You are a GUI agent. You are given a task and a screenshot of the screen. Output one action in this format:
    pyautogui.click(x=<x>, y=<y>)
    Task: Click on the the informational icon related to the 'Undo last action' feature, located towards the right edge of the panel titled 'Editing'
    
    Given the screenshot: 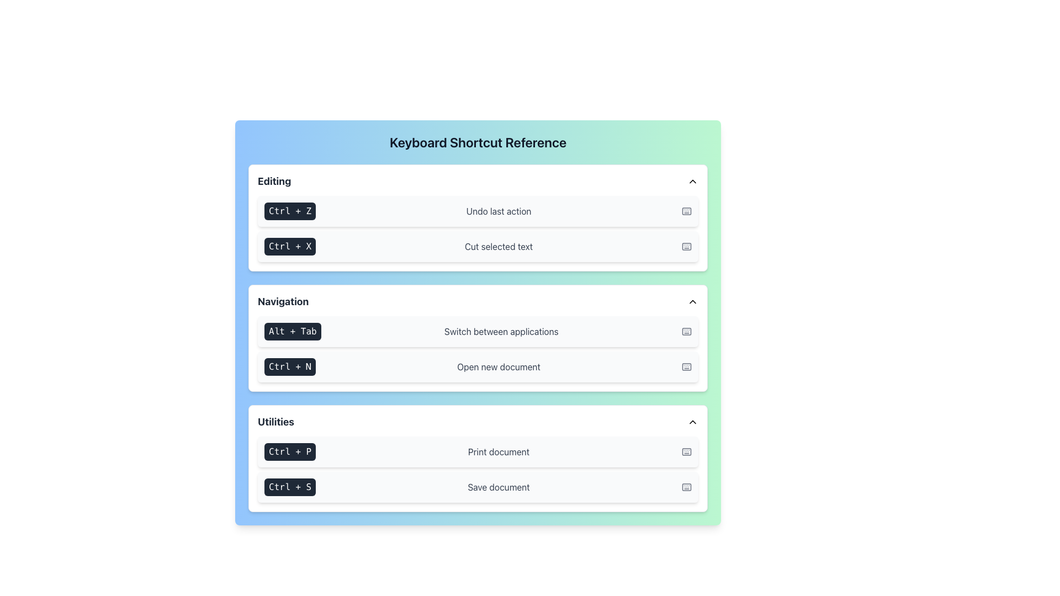 What is the action you would take?
    pyautogui.click(x=686, y=211)
    